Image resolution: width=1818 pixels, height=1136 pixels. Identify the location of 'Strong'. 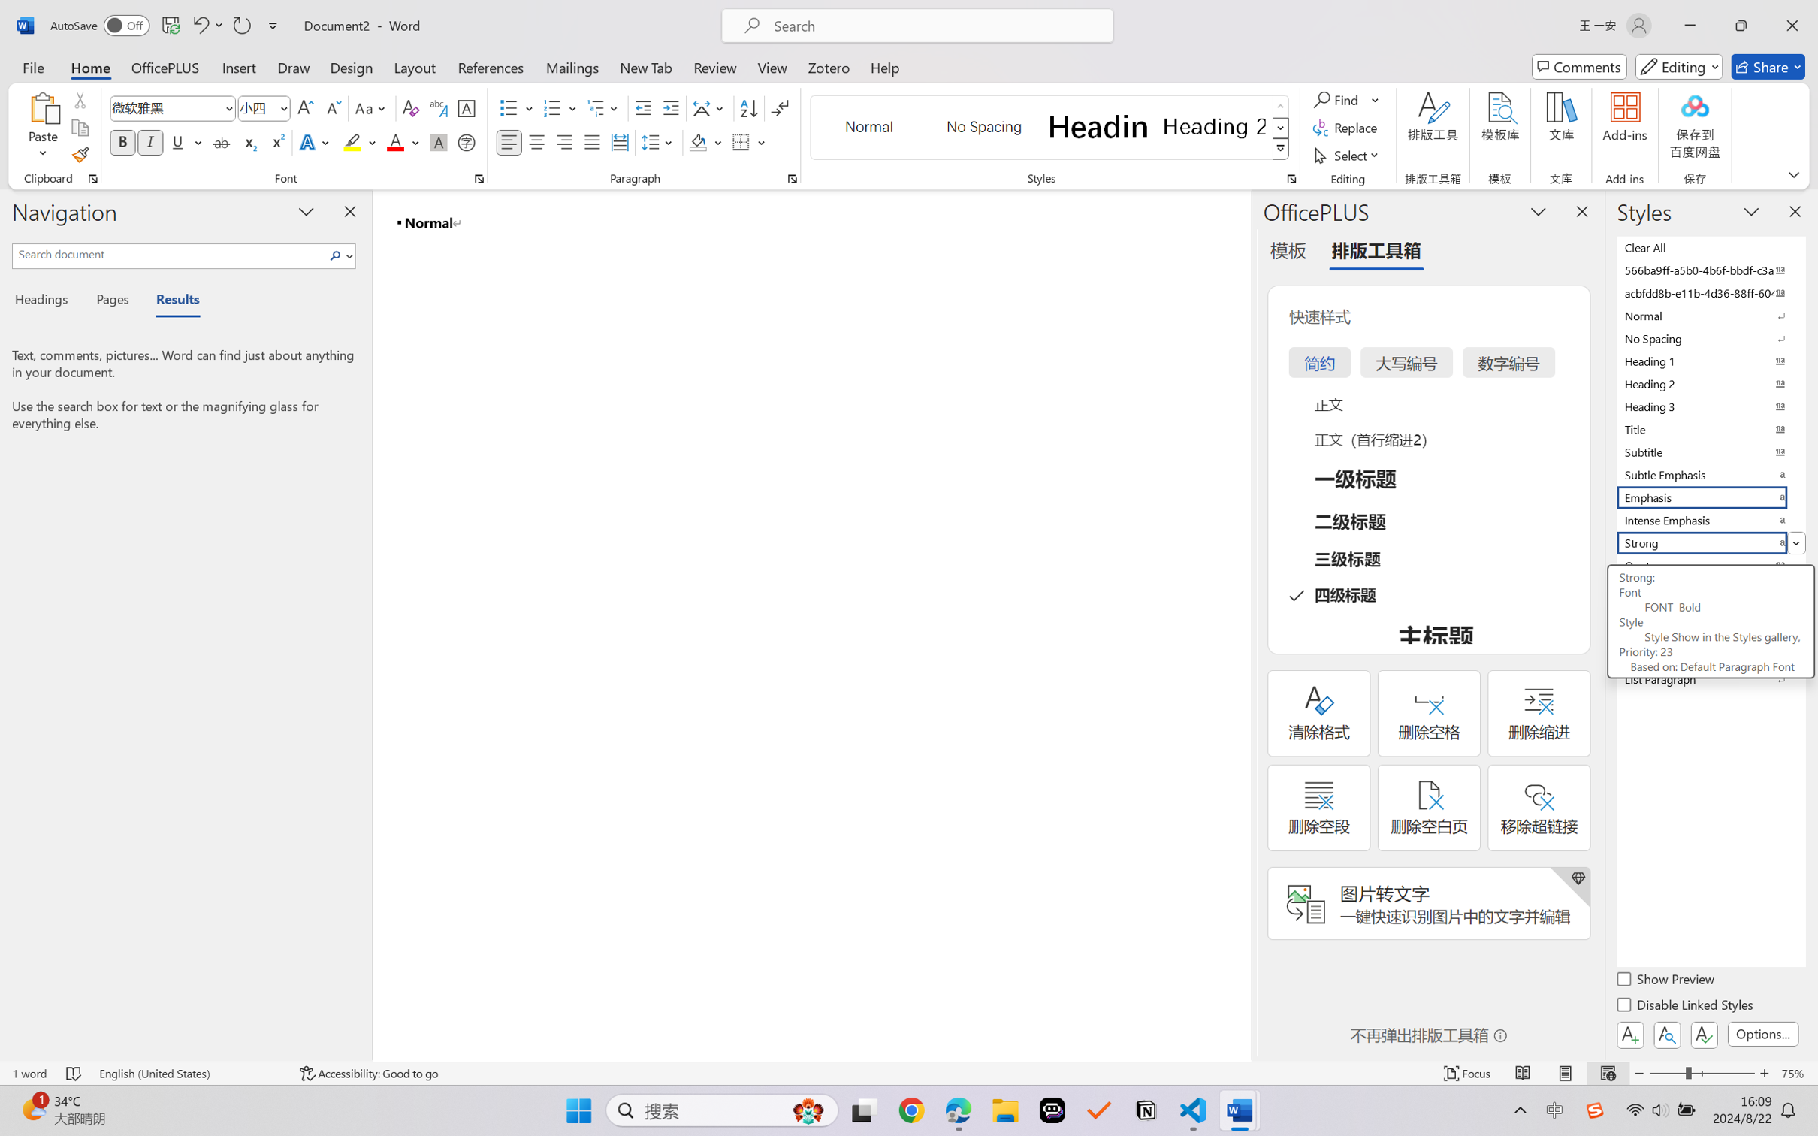
(1709, 542).